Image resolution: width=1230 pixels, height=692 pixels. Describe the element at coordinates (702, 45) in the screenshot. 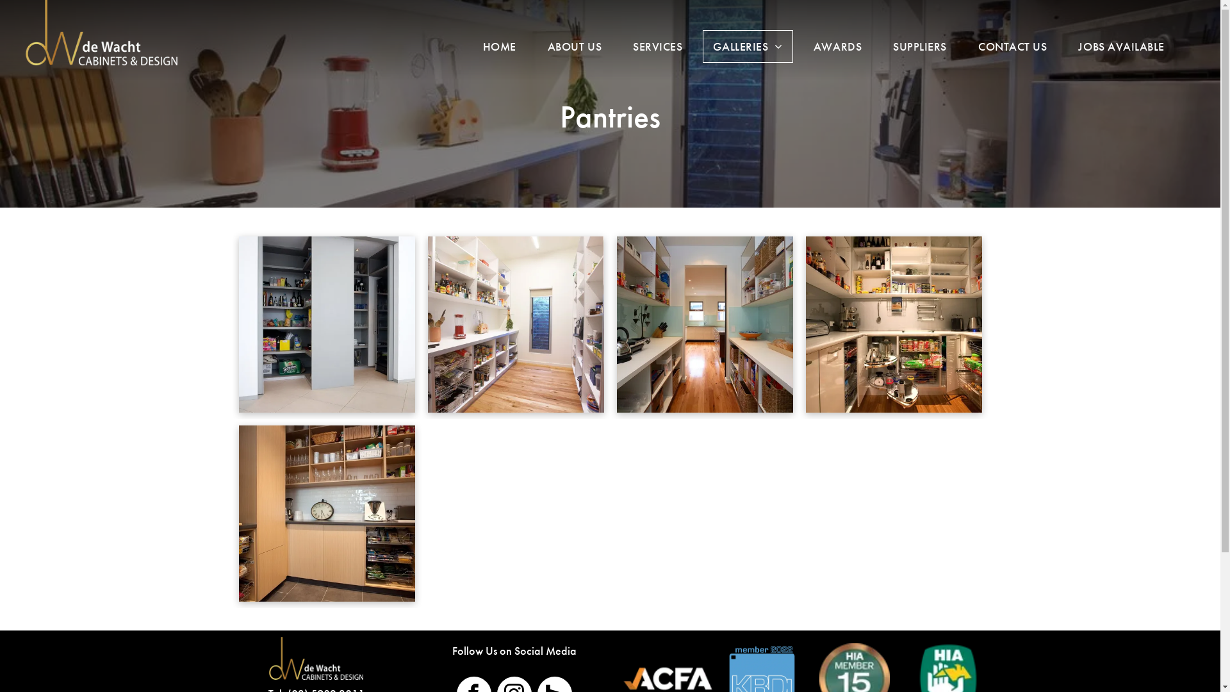

I see `'GALLERIES'` at that location.